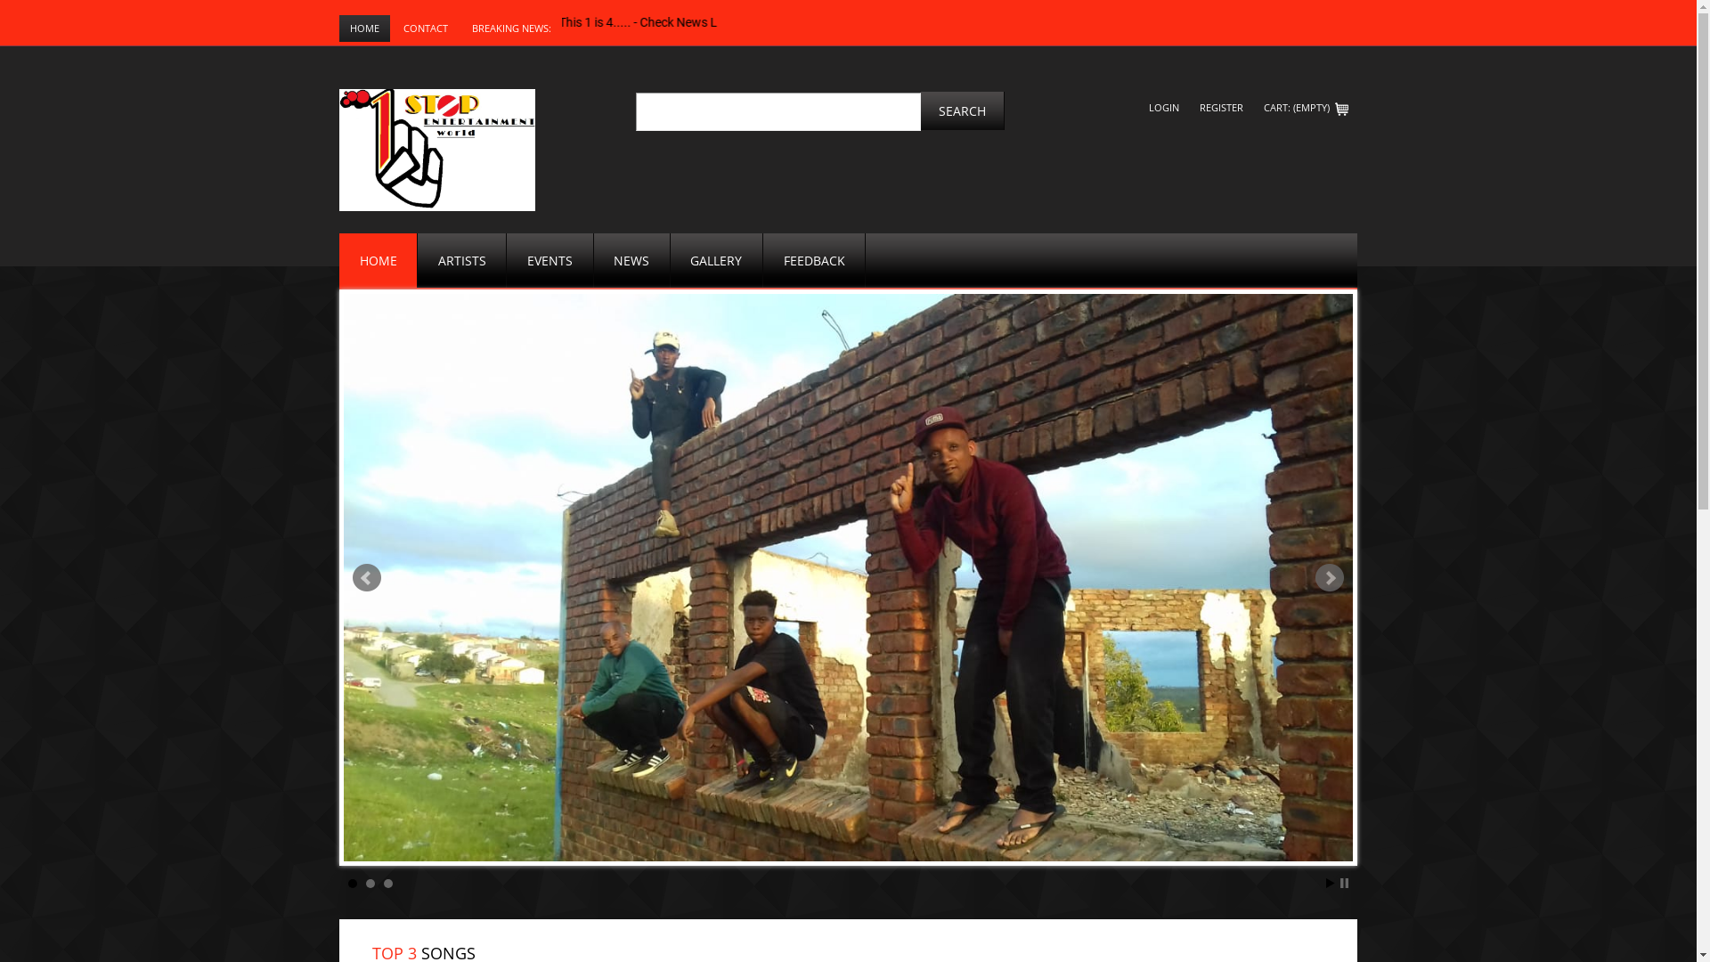  I want to click on 'REGISTER', so click(1220, 107).